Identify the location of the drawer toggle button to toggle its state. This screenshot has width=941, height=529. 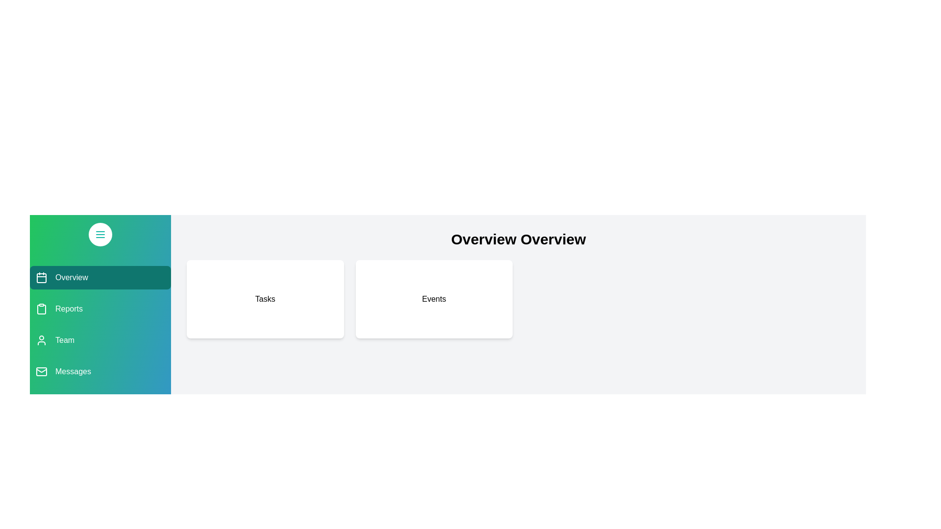
(100, 234).